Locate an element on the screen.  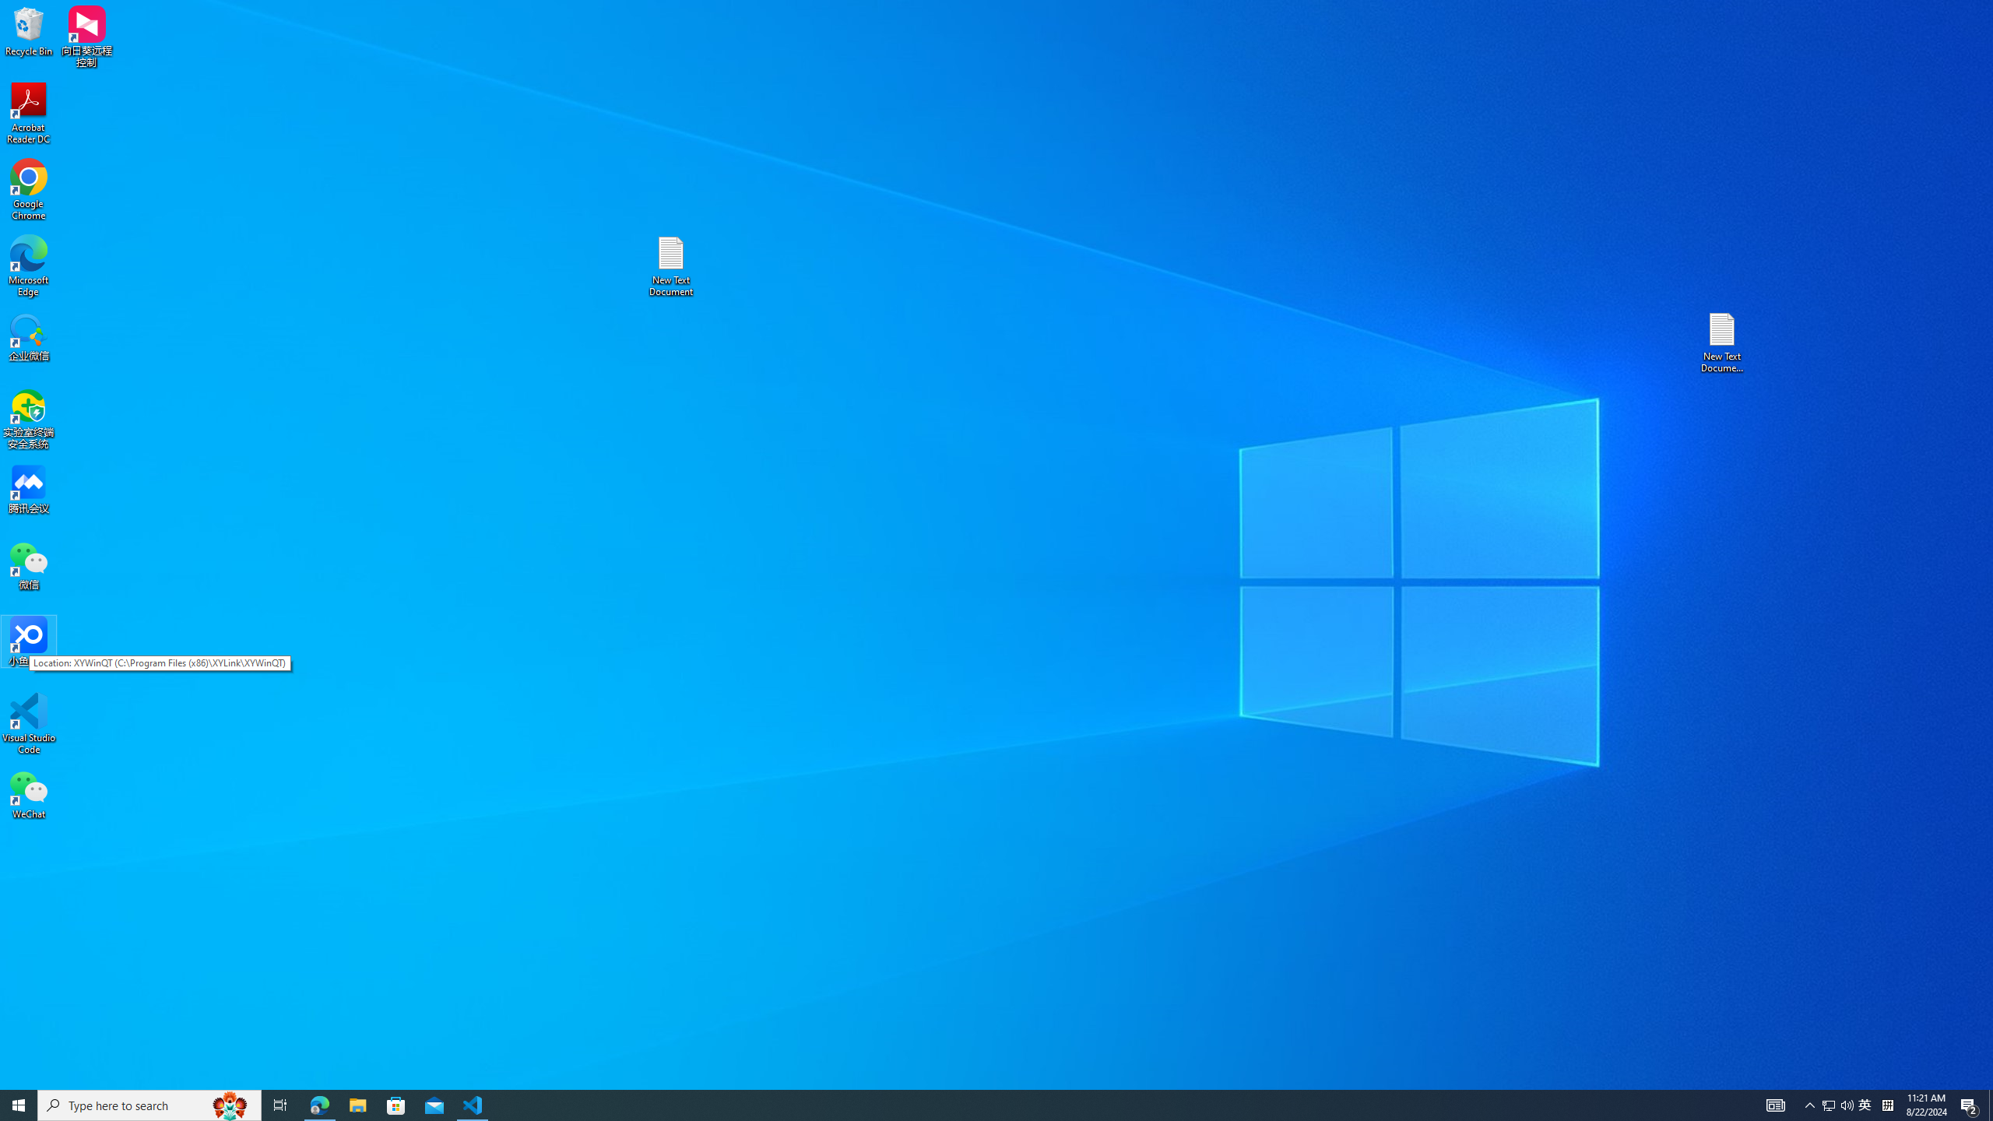
'Google Chrome' is located at coordinates (28, 190).